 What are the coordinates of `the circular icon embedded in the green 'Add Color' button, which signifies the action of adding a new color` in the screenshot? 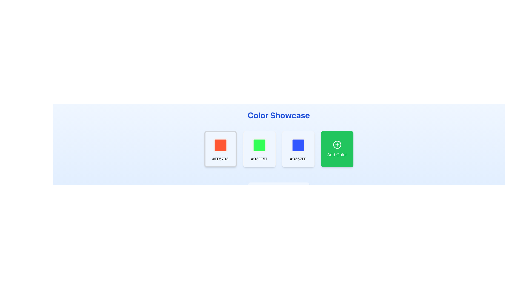 It's located at (337, 144).